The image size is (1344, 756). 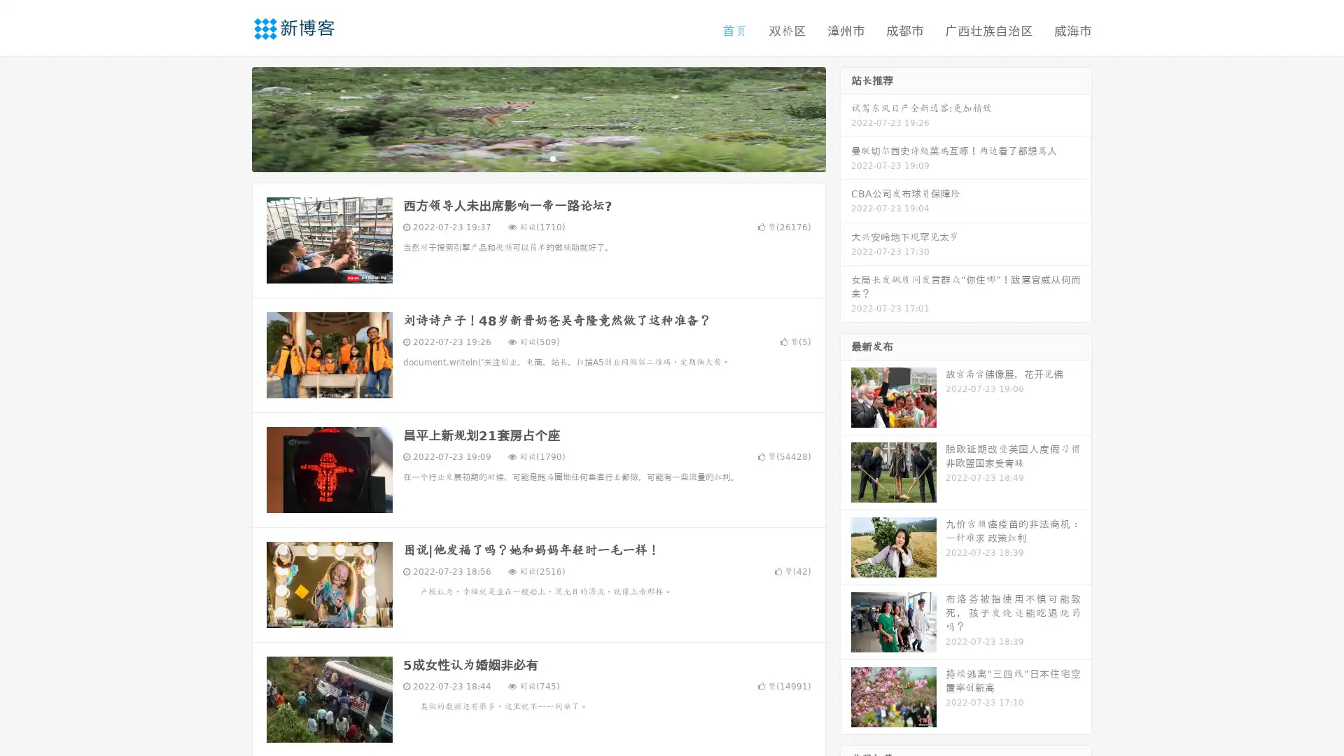 What do you see at coordinates (552, 157) in the screenshot?
I see `Go to slide 3` at bounding box center [552, 157].